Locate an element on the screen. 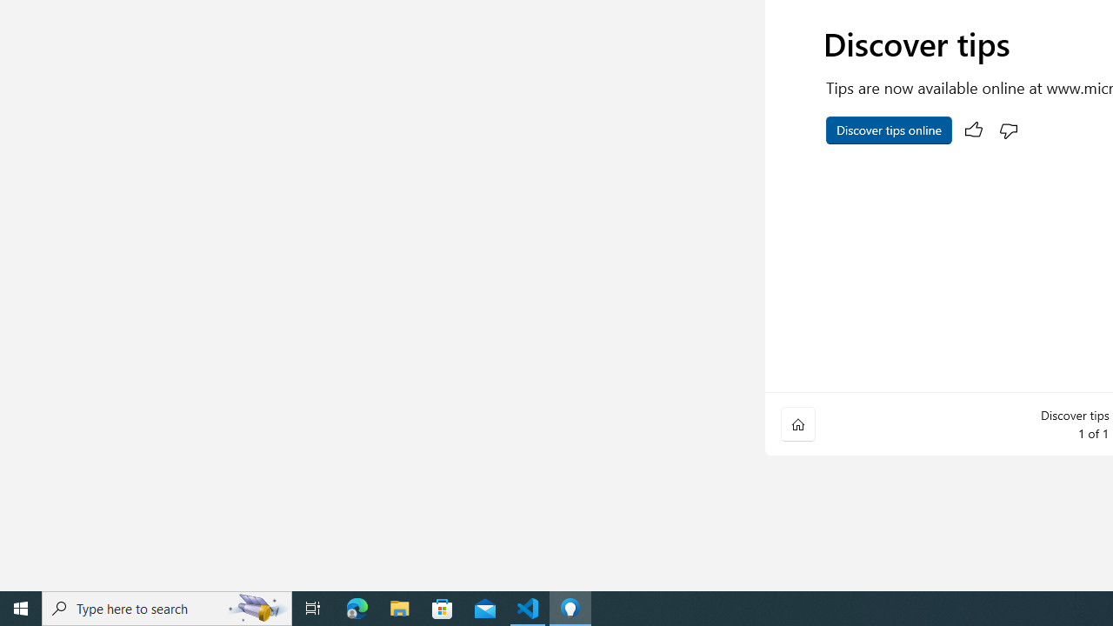 The height and width of the screenshot is (626, 1113). 'Discover tips online' is located at coordinates (889, 130).